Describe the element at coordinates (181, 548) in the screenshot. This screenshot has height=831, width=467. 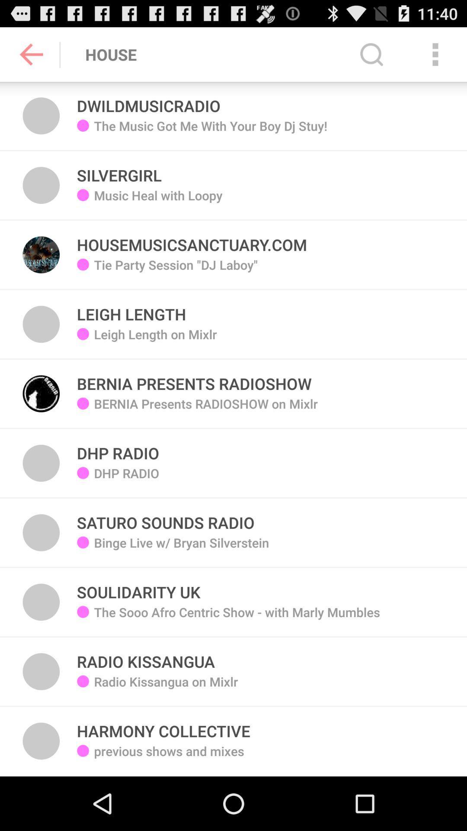
I see `binge live w` at that location.